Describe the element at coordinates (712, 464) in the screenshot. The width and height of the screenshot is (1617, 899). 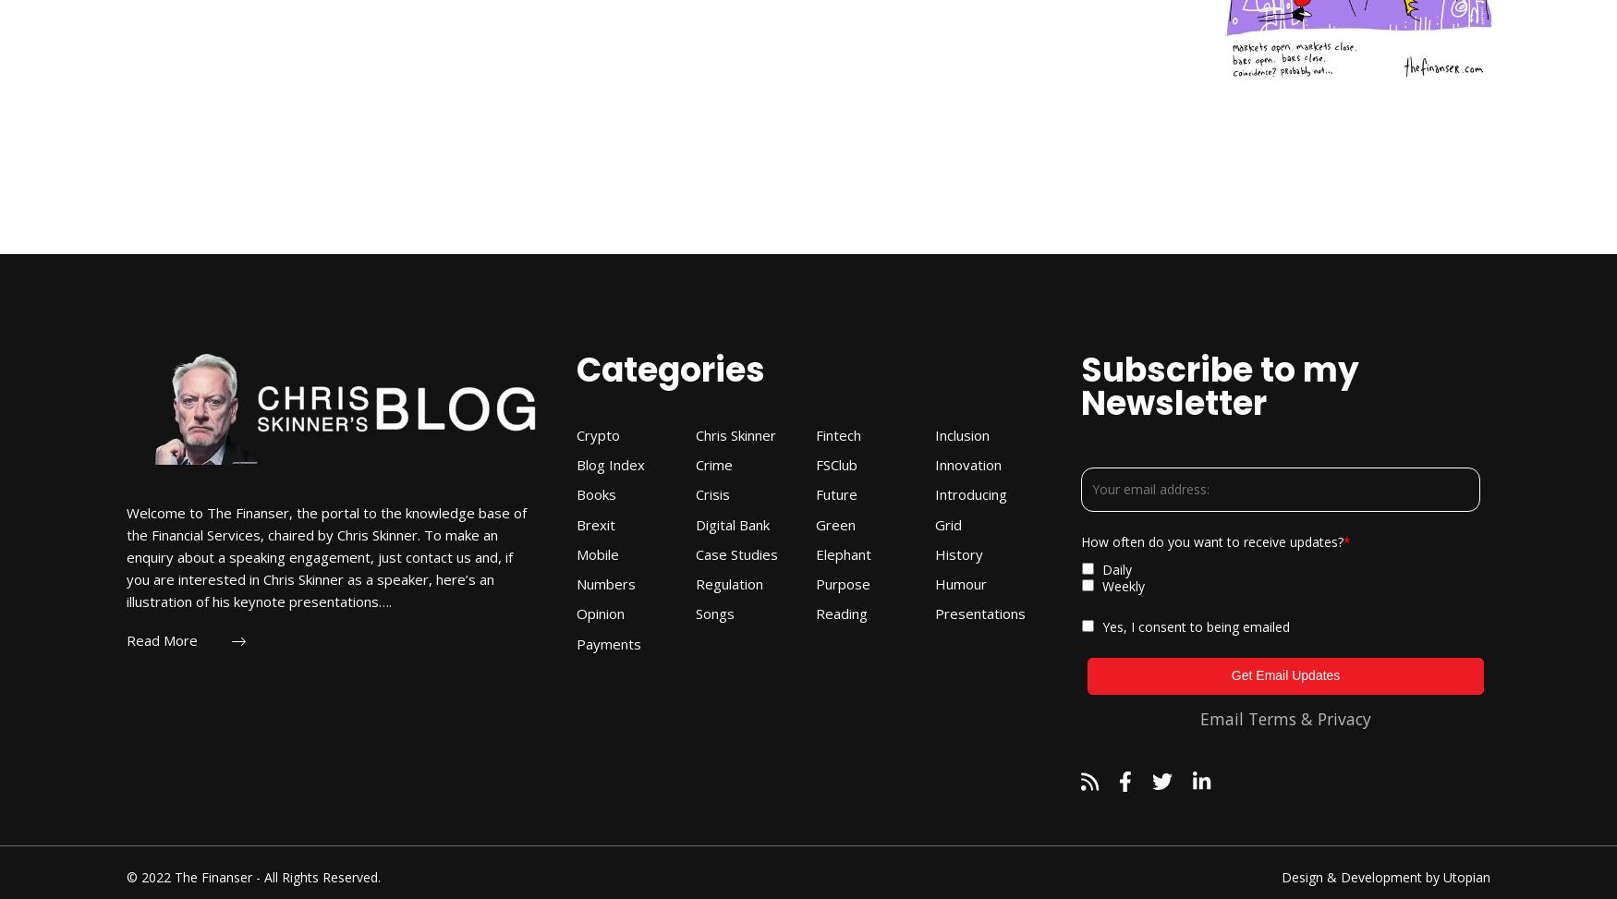
I see `'Crime'` at that location.